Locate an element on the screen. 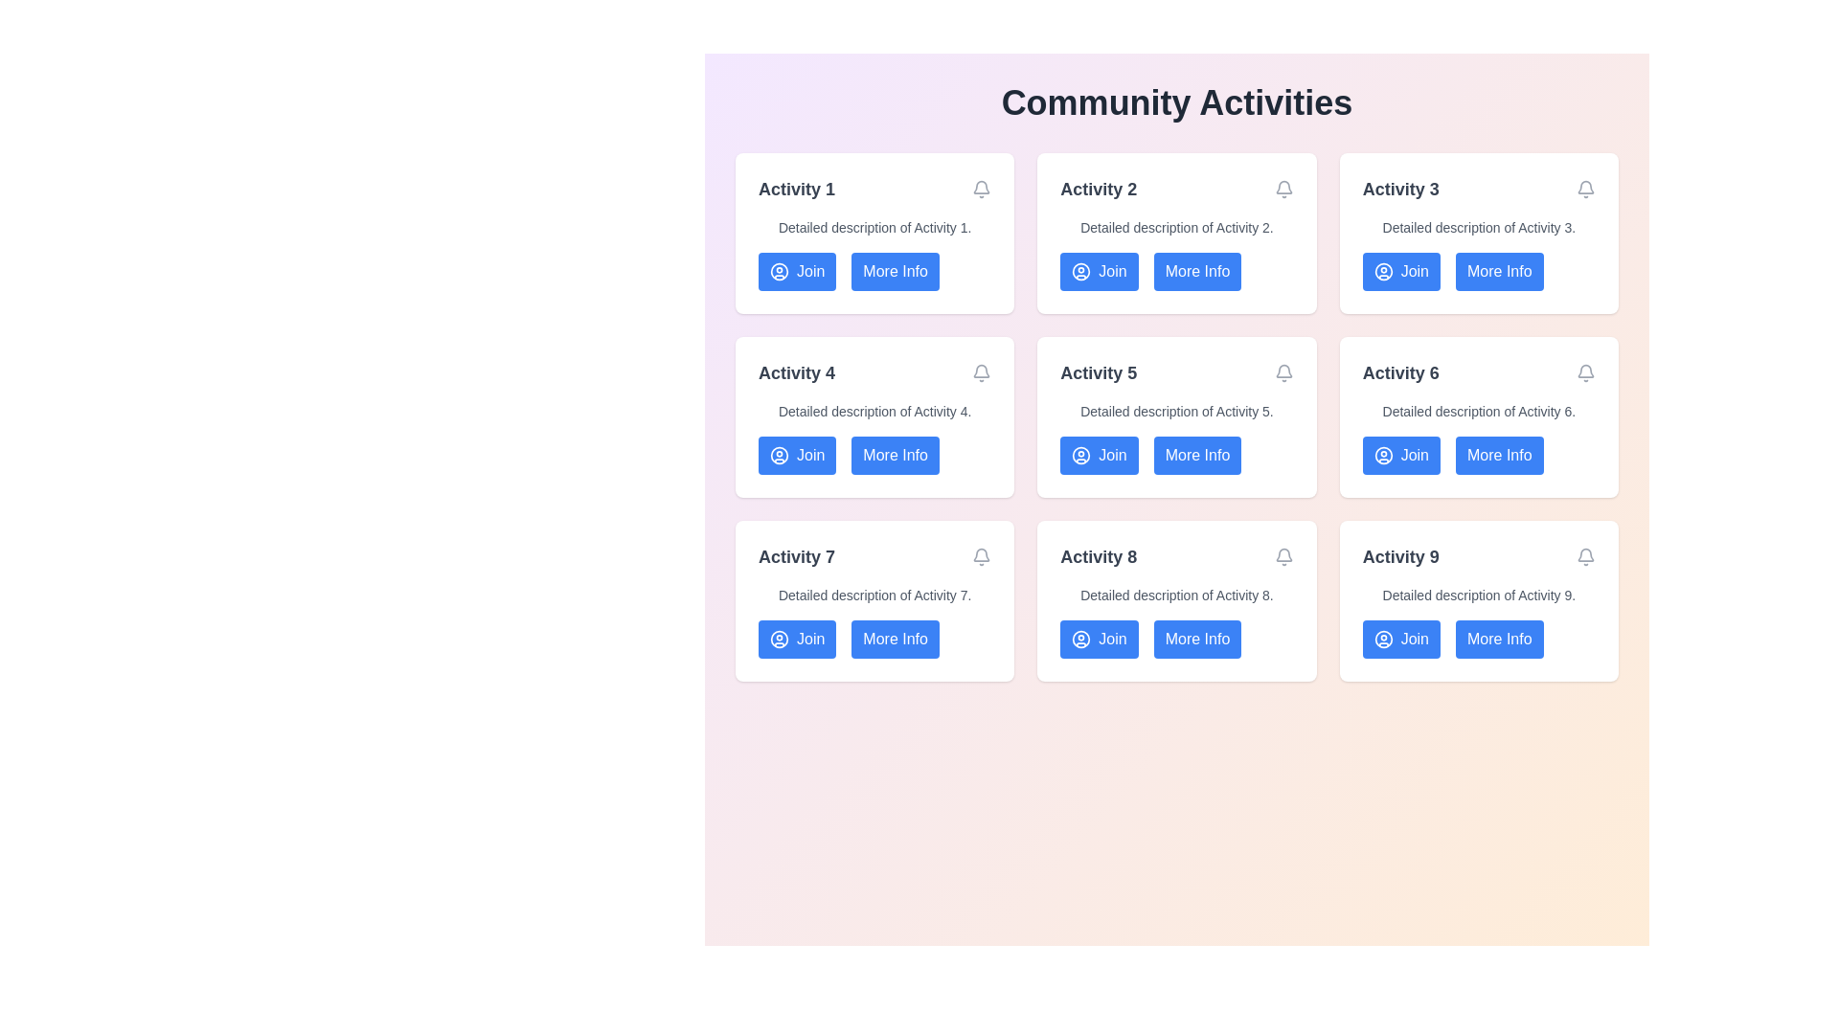  the Text label providing additional details about Activity 3, which is located directly below the title 'Activity 3' in the card at the top right of the second row of the grid is located at coordinates (1478, 227).